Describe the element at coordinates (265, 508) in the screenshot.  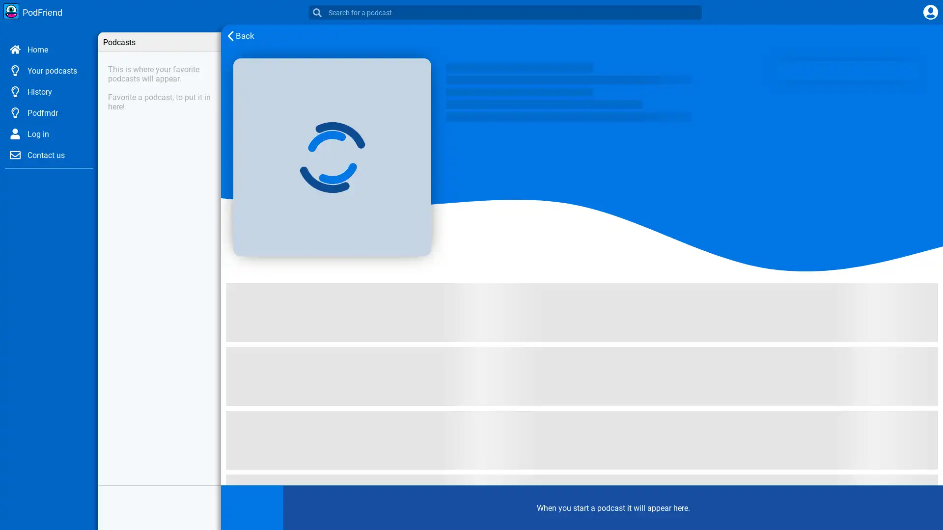
I see `Share` at that location.